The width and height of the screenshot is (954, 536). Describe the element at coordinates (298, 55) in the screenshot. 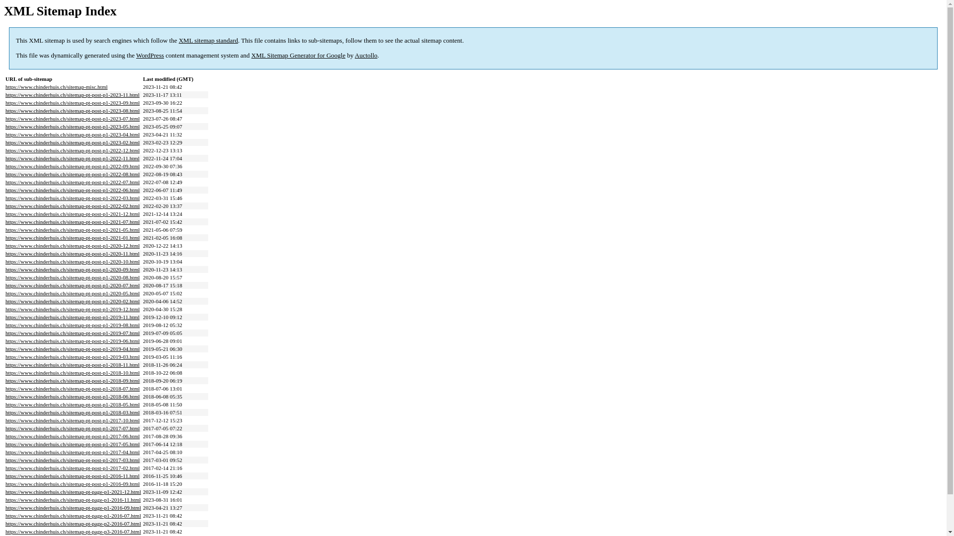

I see `'XML Sitemap Generator for Google'` at that location.